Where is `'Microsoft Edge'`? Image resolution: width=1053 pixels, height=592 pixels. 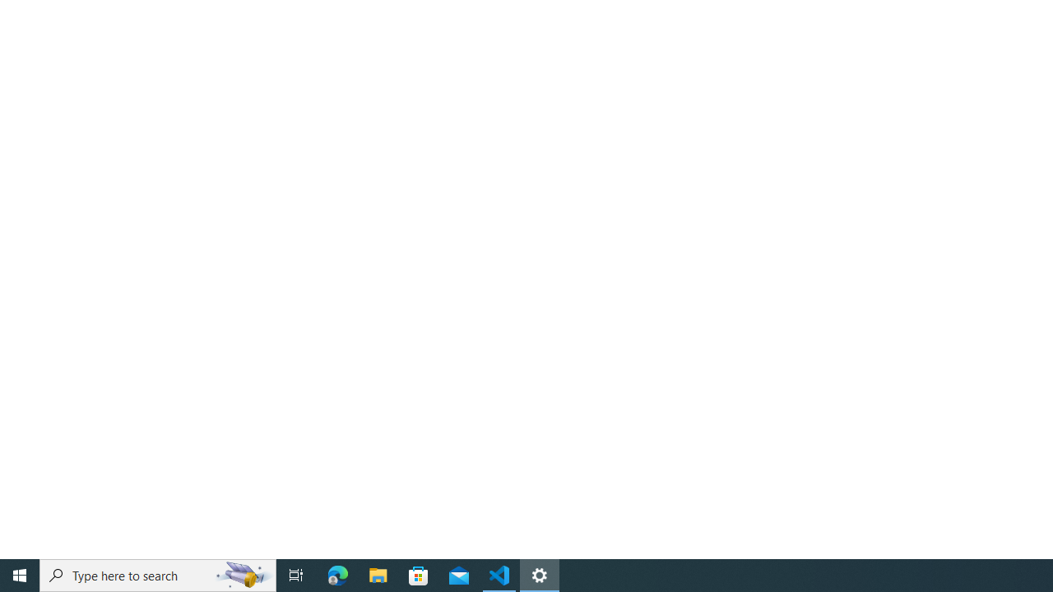
'Microsoft Edge' is located at coordinates (337, 574).